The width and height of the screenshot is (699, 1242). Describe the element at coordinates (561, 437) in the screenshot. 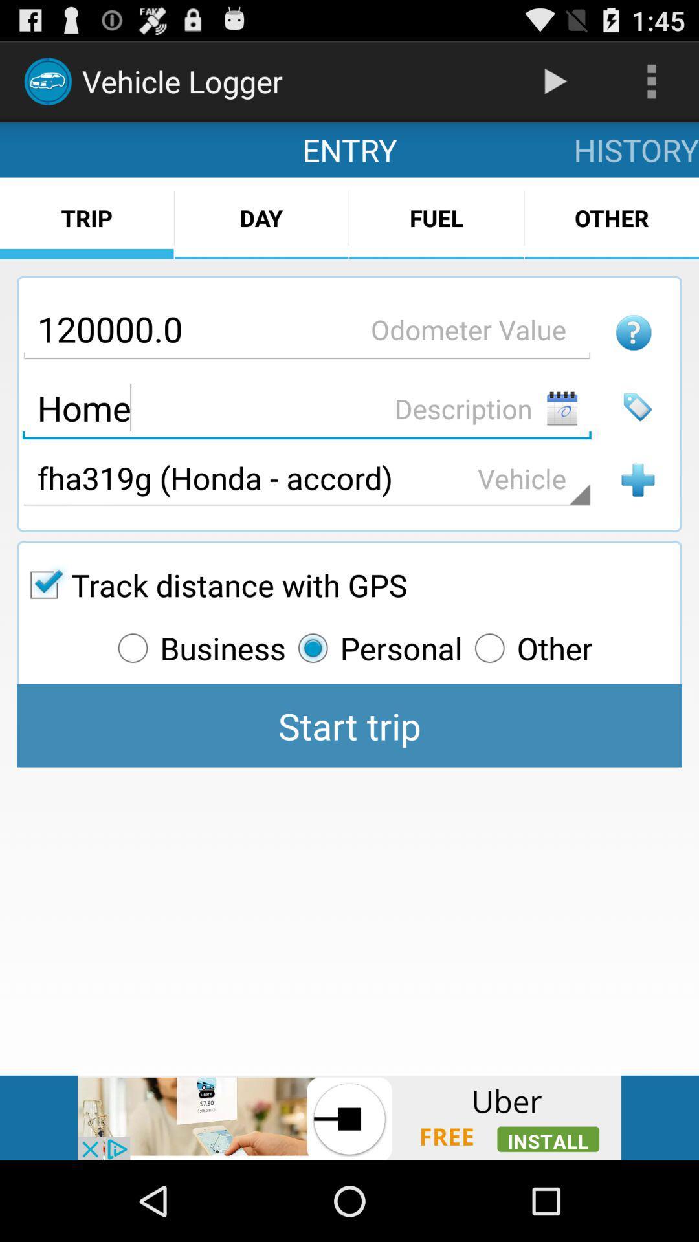

I see `the date_range icon` at that location.